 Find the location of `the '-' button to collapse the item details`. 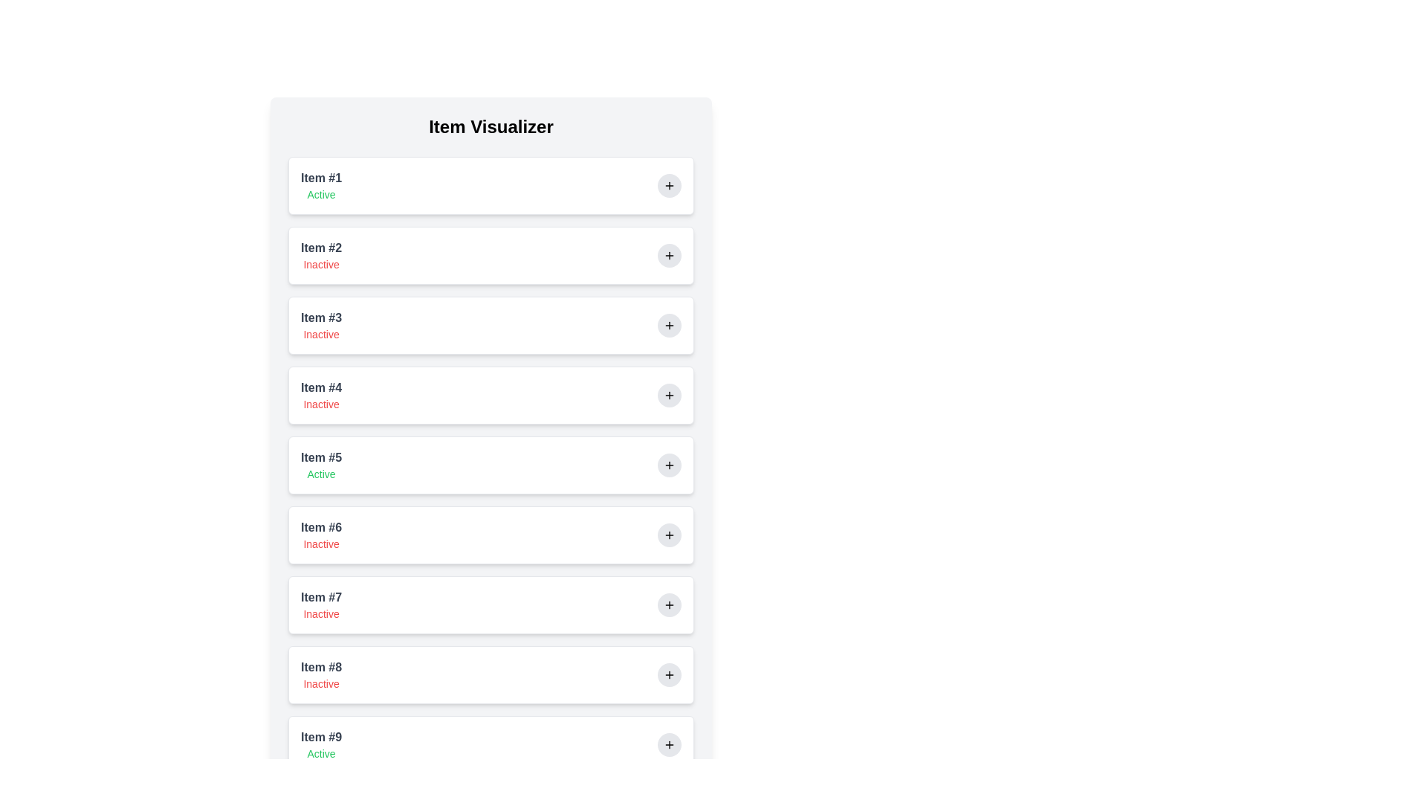

the '-' button to collapse the item details is located at coordinates (669, 185).